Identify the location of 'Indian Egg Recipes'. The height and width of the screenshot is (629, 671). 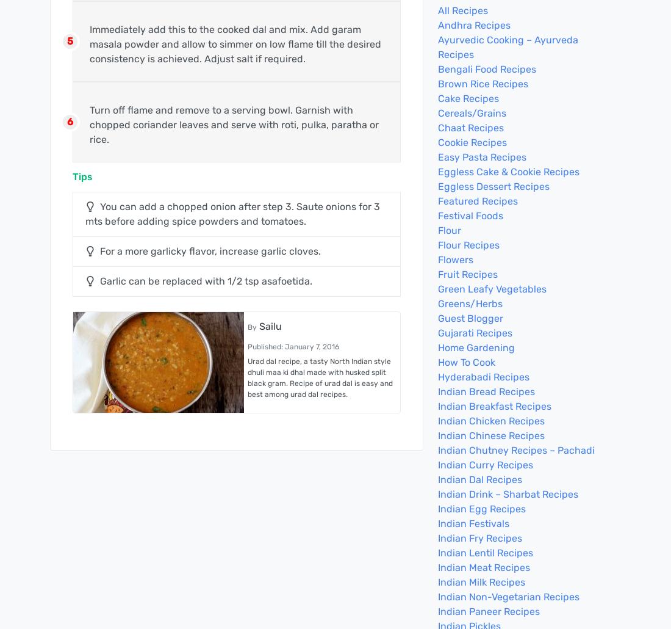
(482, 508).